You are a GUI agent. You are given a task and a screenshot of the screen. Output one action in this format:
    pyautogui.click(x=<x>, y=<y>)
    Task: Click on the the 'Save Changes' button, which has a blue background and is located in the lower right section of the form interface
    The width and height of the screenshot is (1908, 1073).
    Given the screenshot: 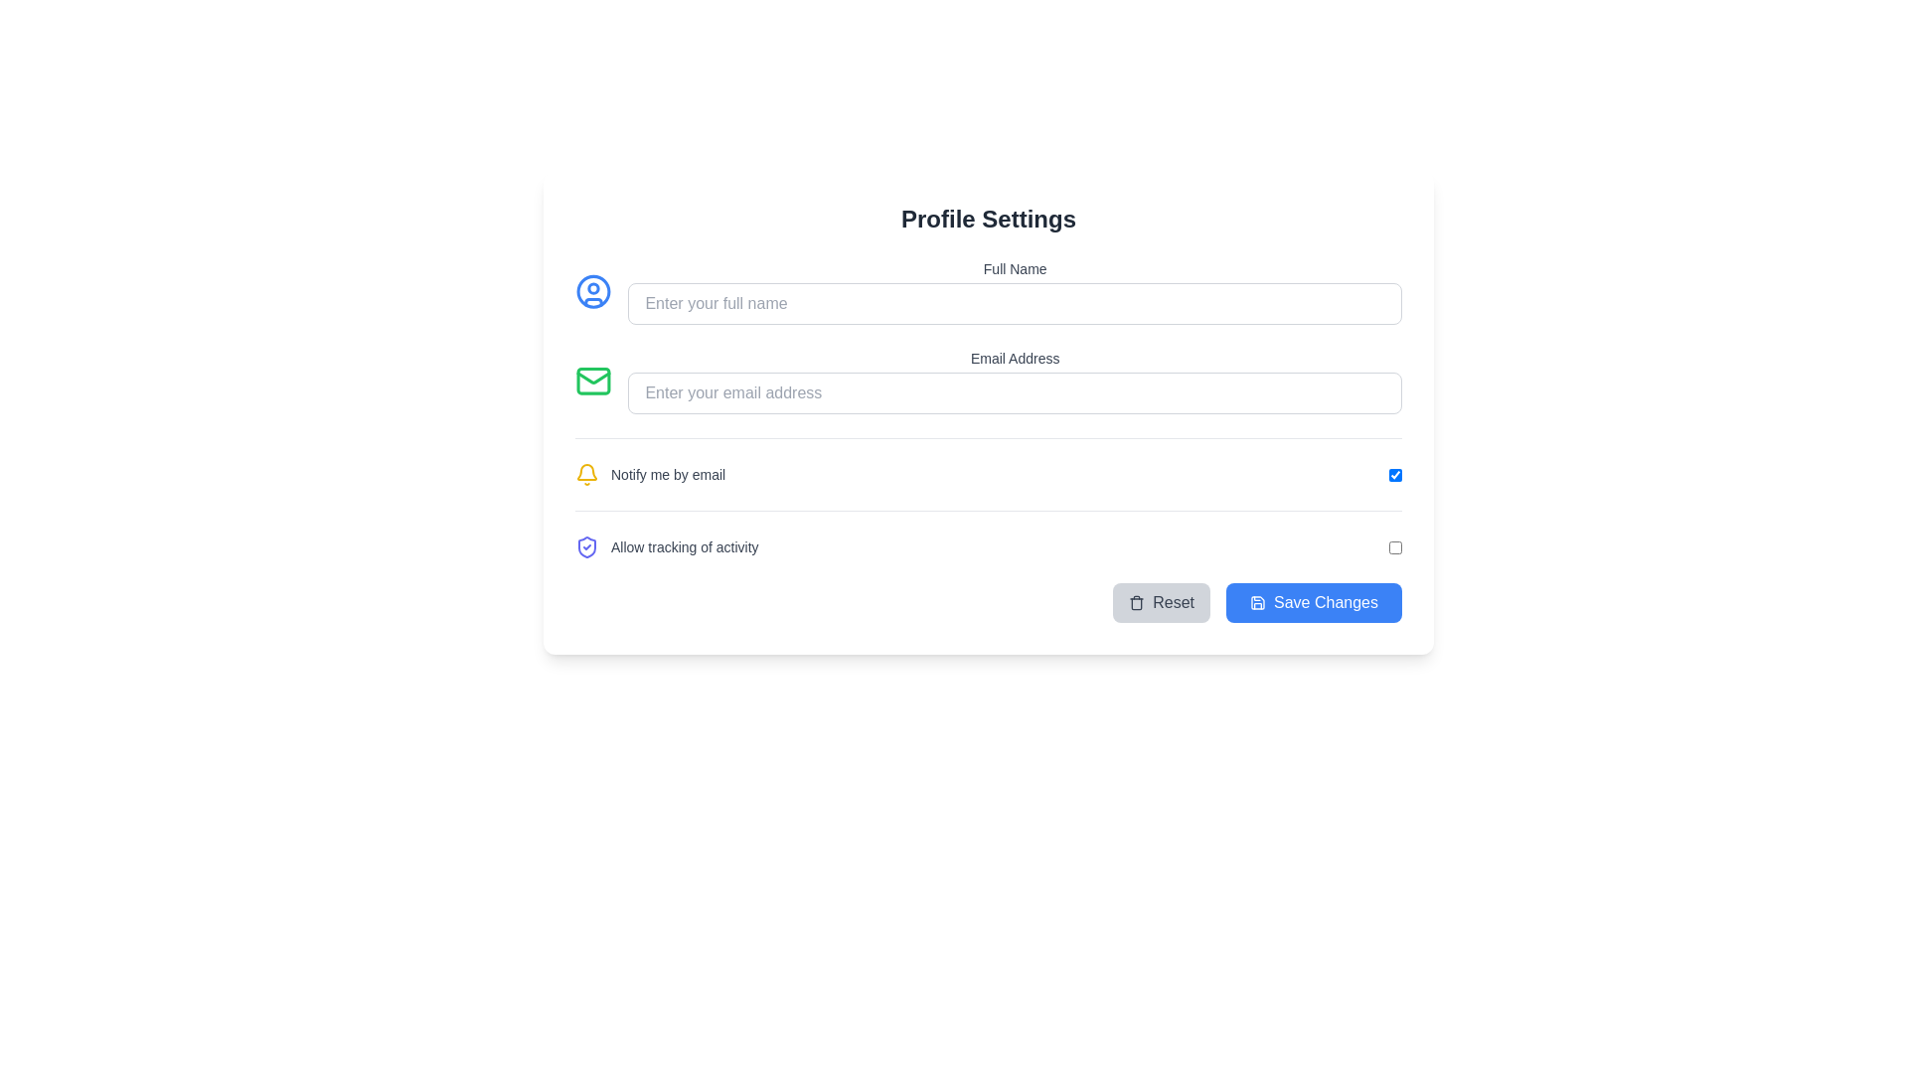 What is the action you would take?
    pyautogui.click(x=1257, y=601)
    